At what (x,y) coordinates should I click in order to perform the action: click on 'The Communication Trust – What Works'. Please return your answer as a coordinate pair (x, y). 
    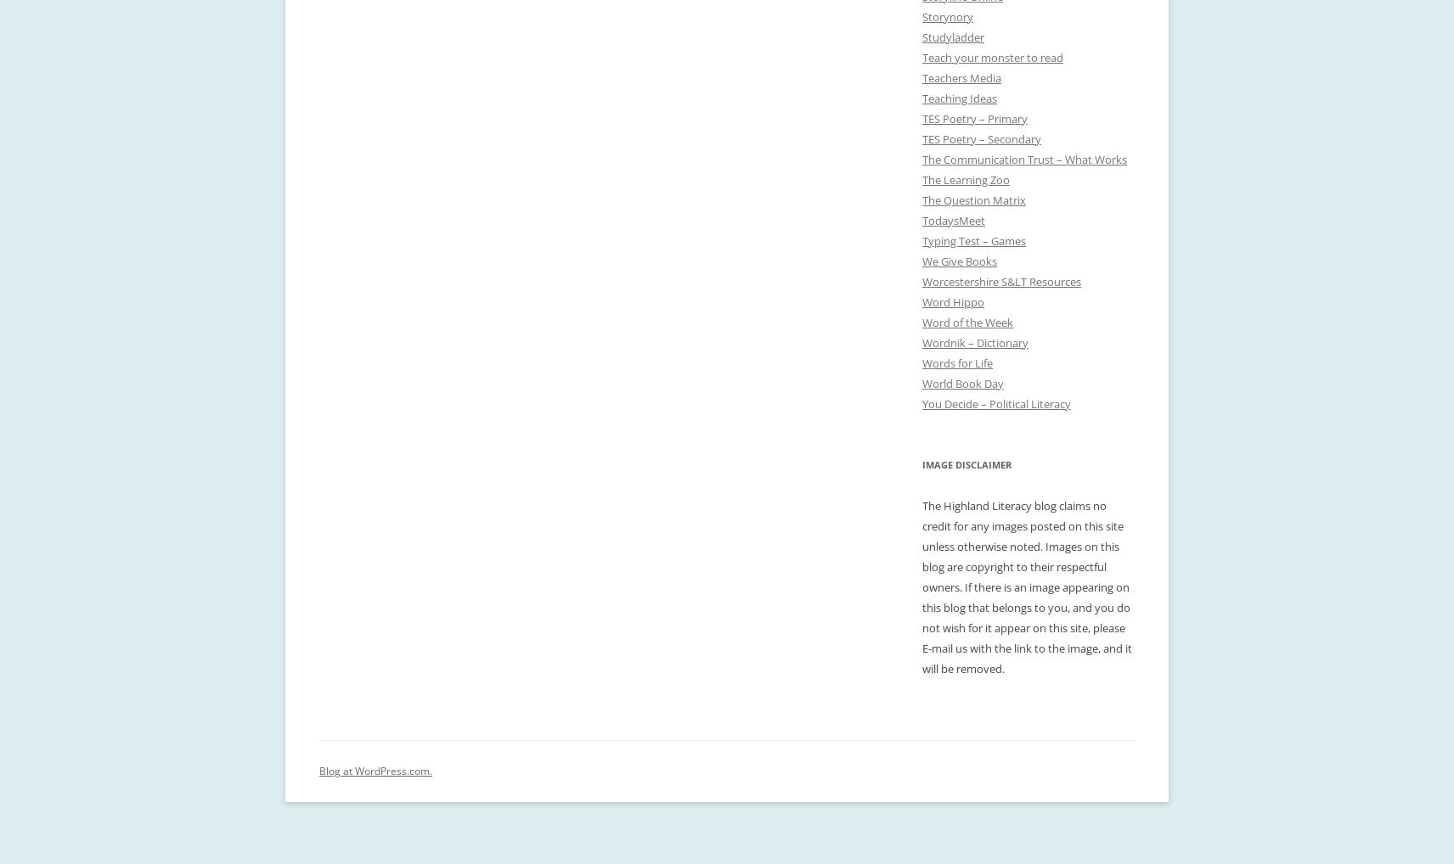
    Looking at the image, I should click on (1024, 160).